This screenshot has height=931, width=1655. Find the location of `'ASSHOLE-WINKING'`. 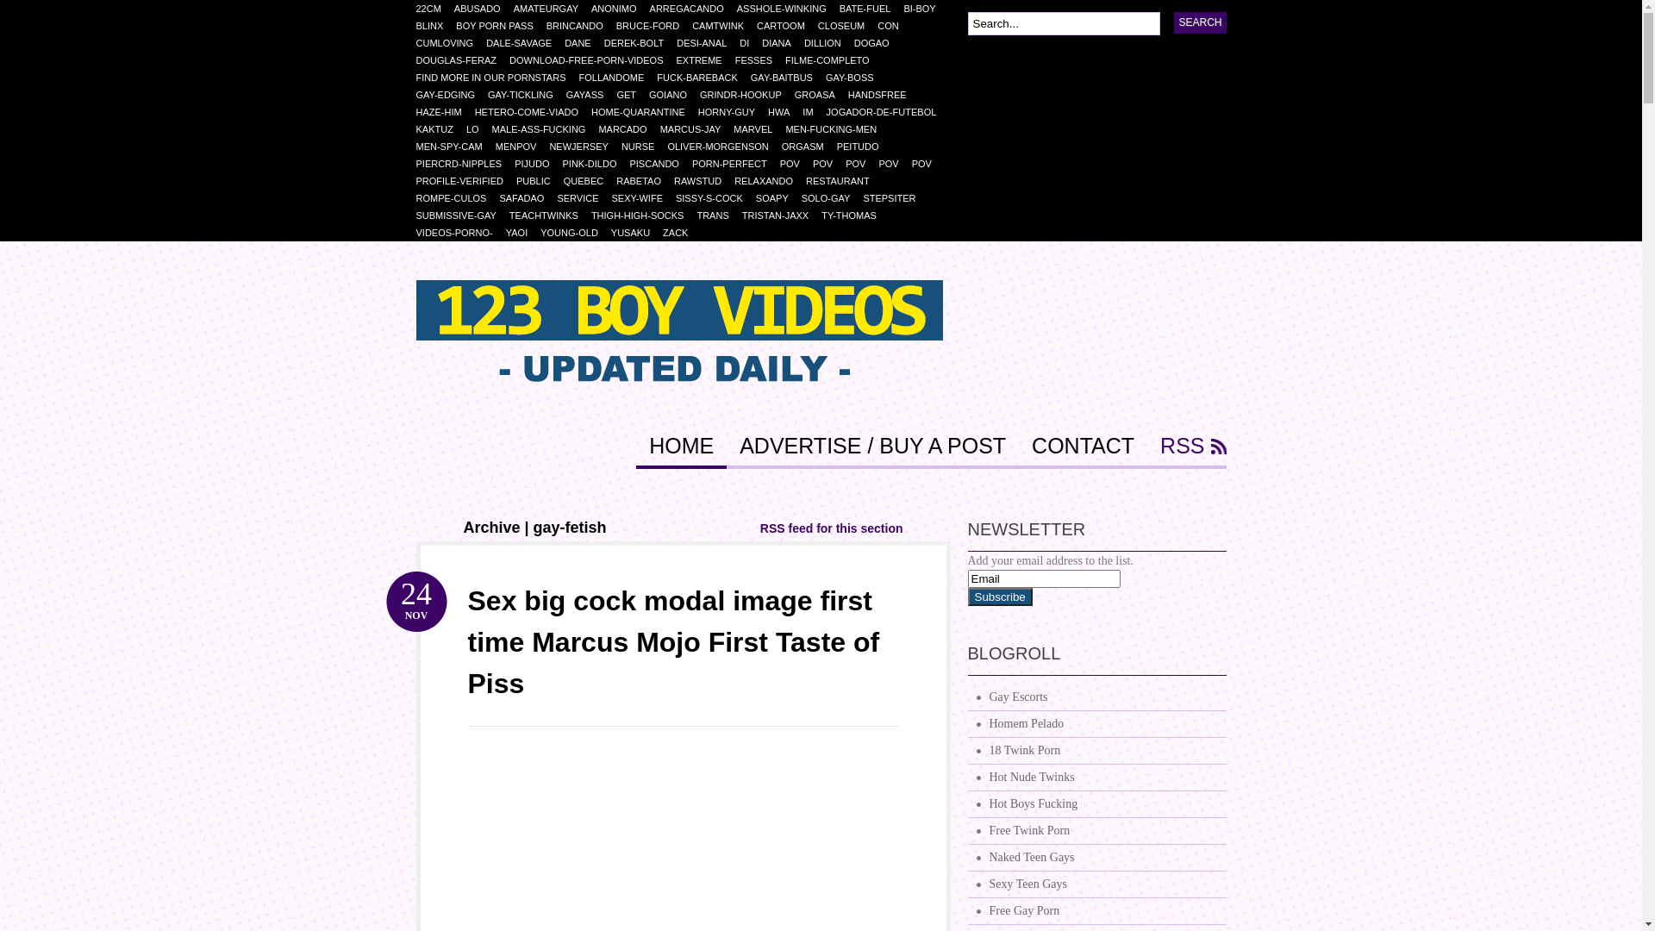

'ASSHOLE-WINKING' is located at coordinates (787, 9).